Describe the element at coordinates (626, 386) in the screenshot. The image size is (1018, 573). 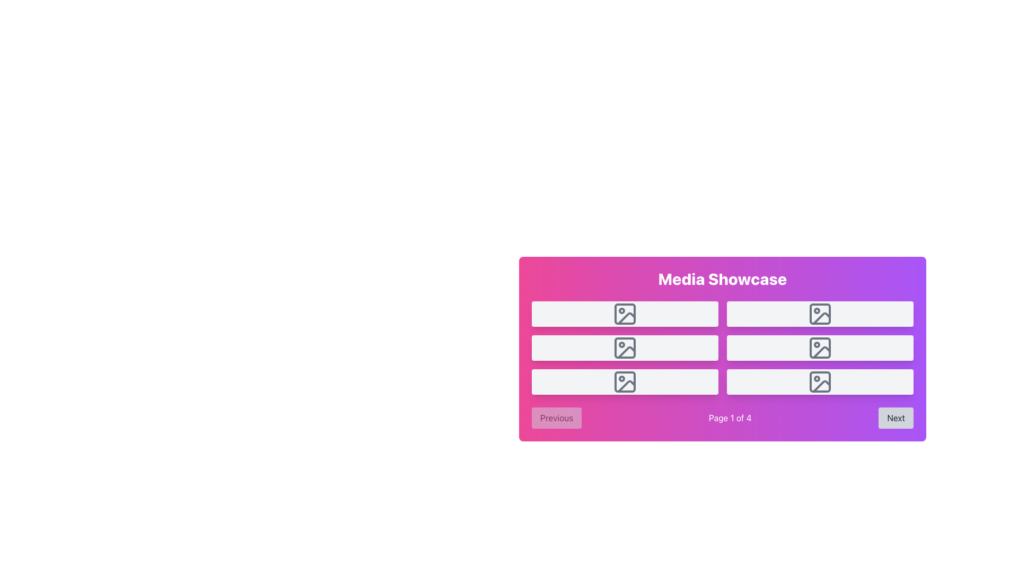
I see `the stylized image icon representing a mountain shape located in the left column of the last row in the Media Showcase section` at that location.